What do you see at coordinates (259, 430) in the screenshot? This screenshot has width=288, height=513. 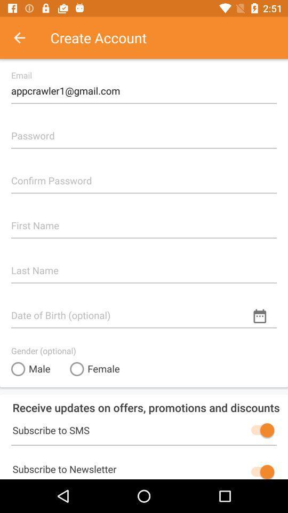 I see `sms subscription` at bounding box center [259, 430].